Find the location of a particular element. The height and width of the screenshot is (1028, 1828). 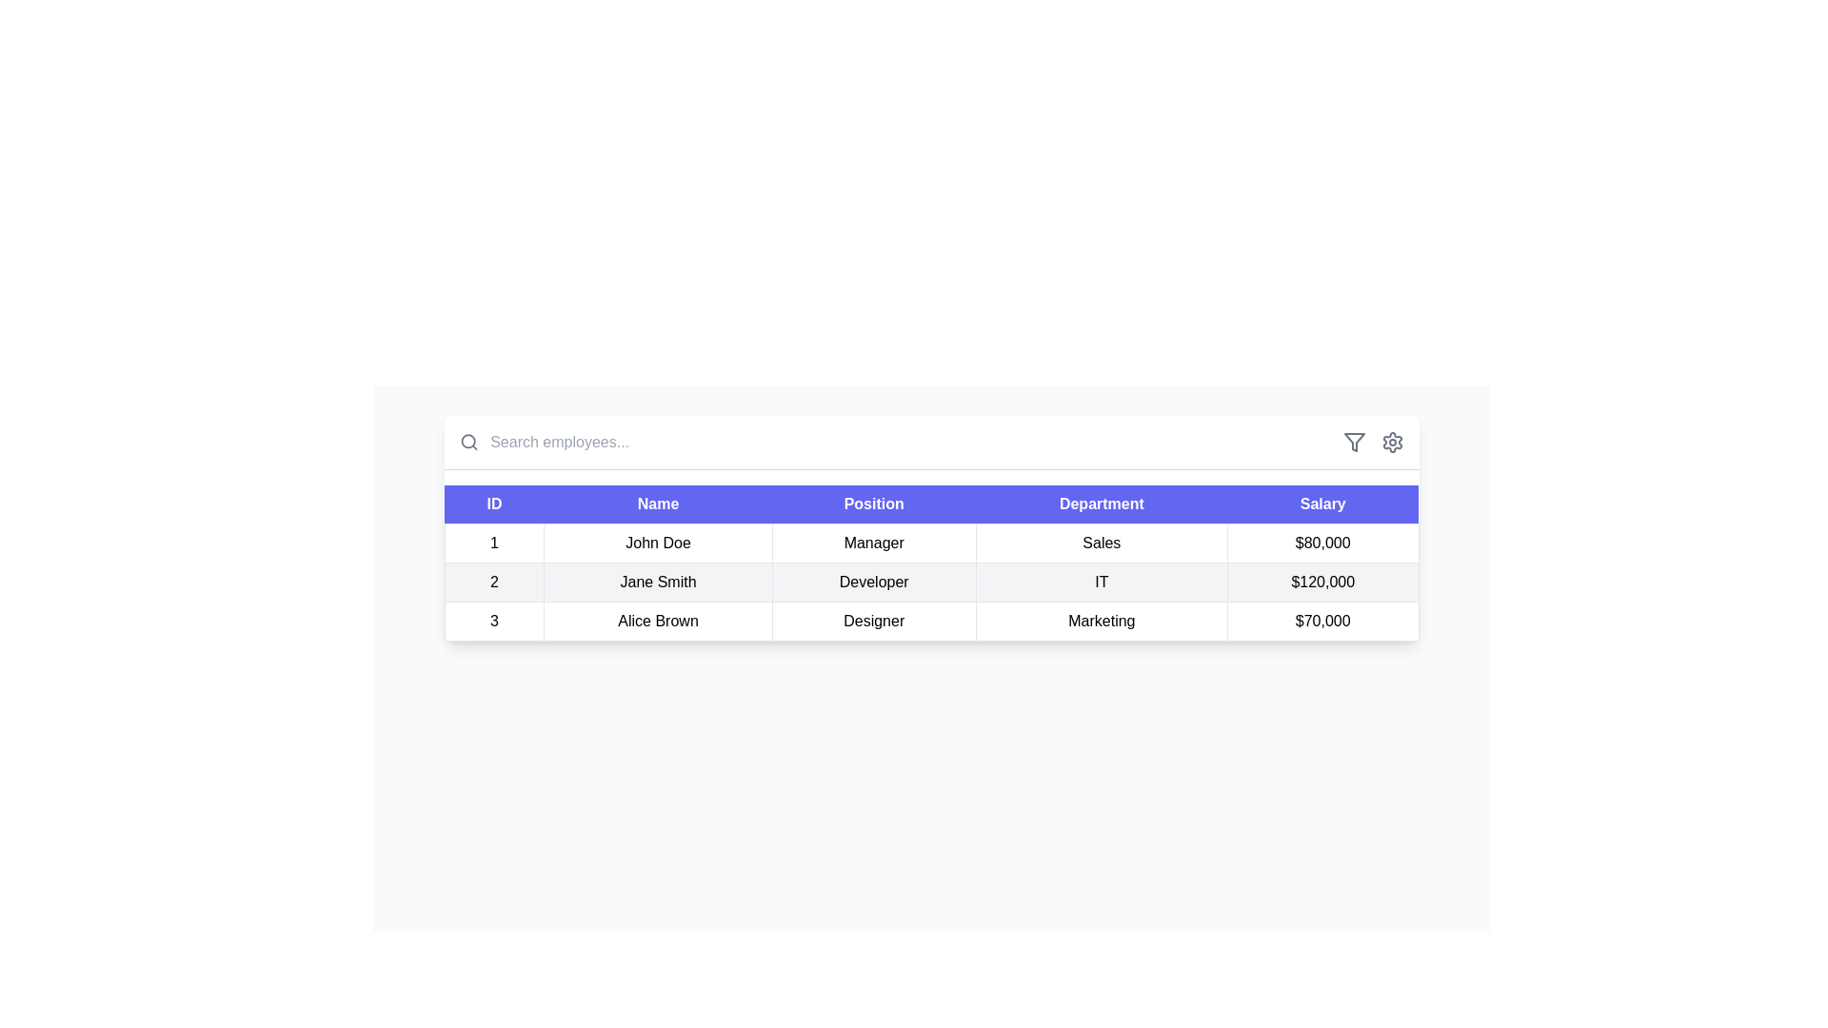

the 'ID' text label in the header row of the table, which is the first item displaying in white font on a blue background is located at coordinates (494, 504).